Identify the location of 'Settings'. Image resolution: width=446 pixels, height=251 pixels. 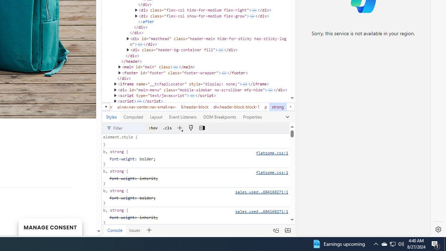
(438, 229).